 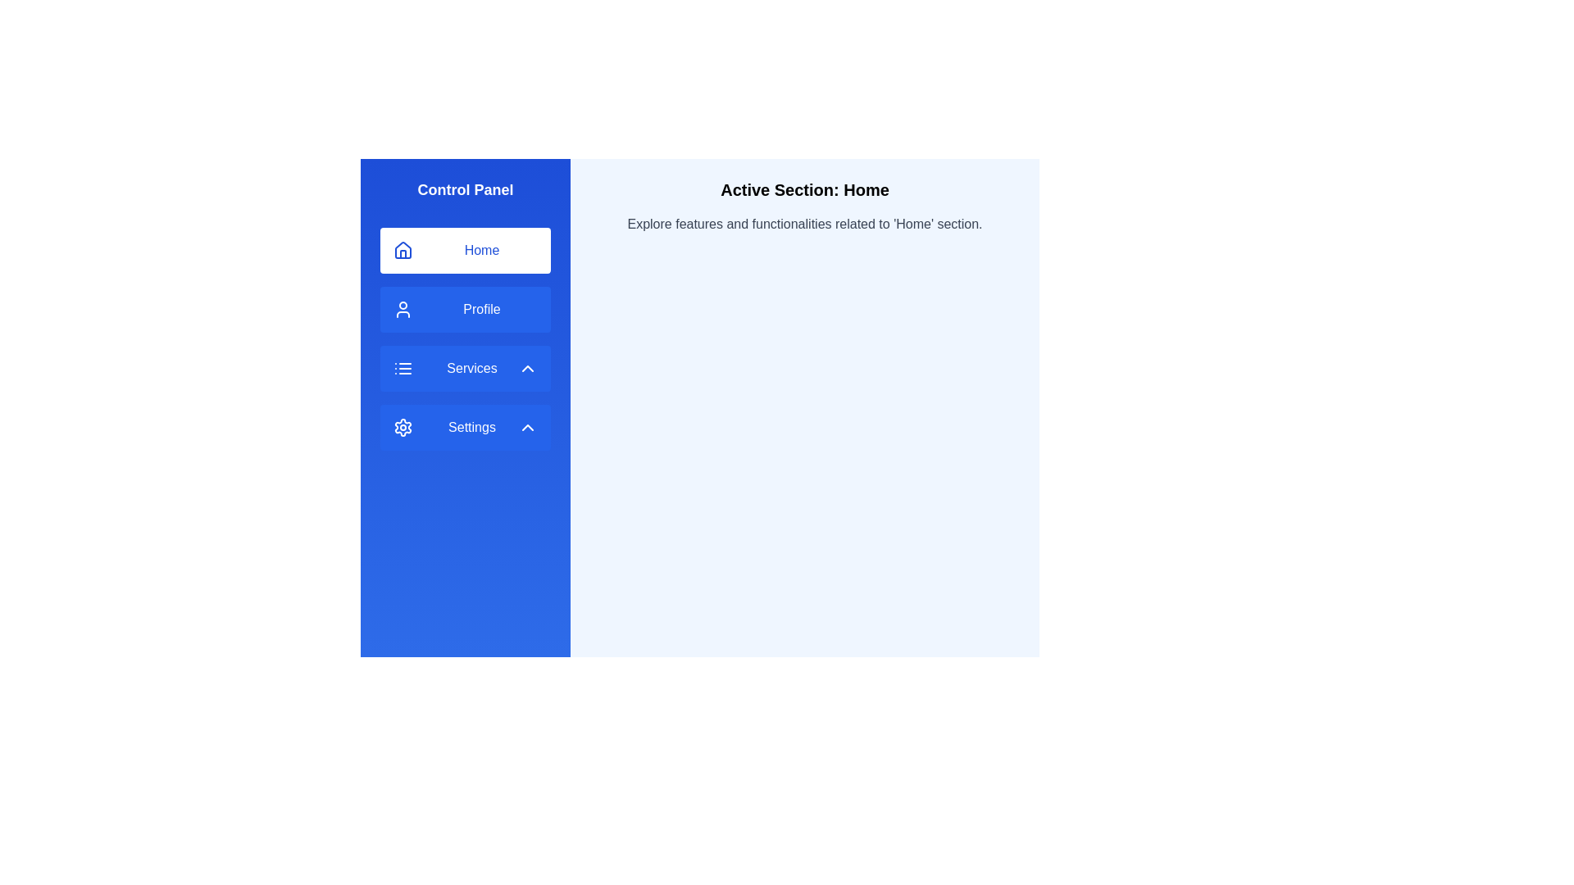 What do you see at coordinates (464, 310) in the screenshot?
I see `the blue rectangular 'Profile' button with a user silhouette icon located in the vertical menu on the left side, positioned below the 'Home' button` at bounding box center [464, 310].